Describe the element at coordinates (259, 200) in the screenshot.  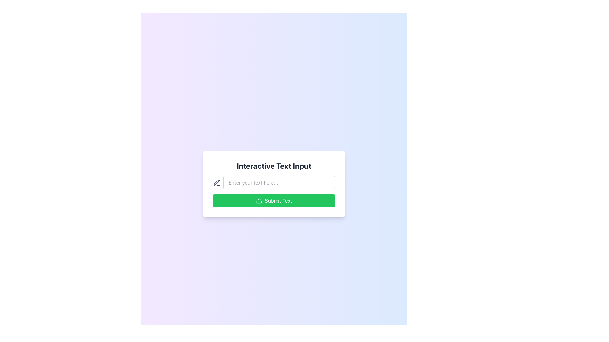
I see `the small upload icon with a green background located to the left of the 'Submit Text' label on the green submission button` at that location.